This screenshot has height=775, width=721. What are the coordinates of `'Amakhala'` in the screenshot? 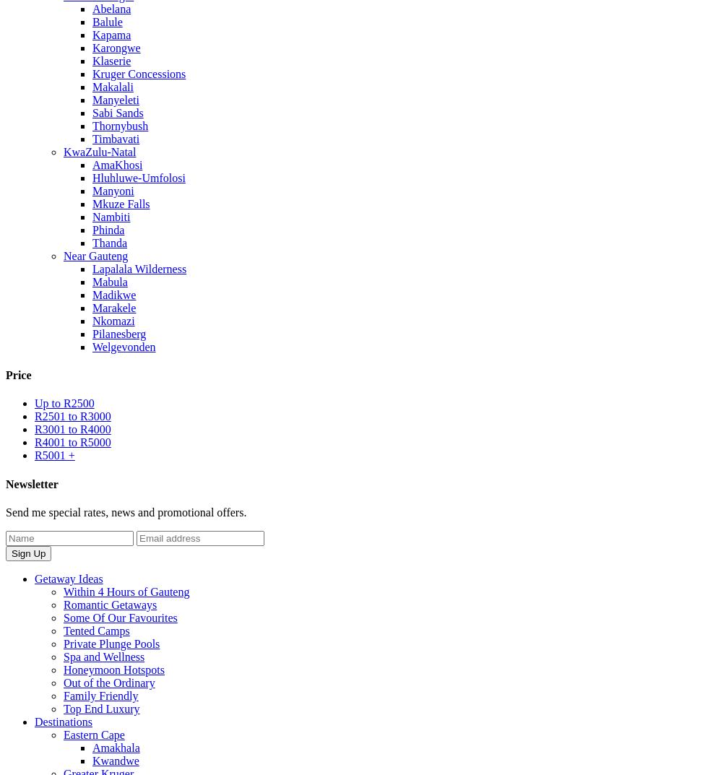 It's located at (92, 748).